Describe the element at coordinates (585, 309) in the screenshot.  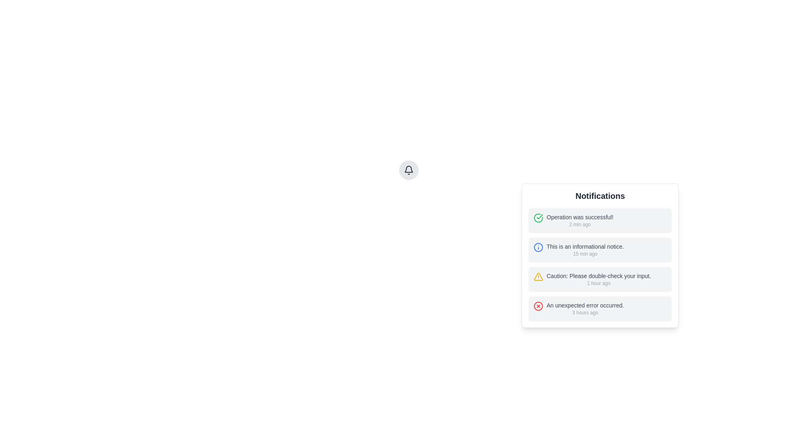
I see `the text-based notification at the bottom of the notifications list` at that location.